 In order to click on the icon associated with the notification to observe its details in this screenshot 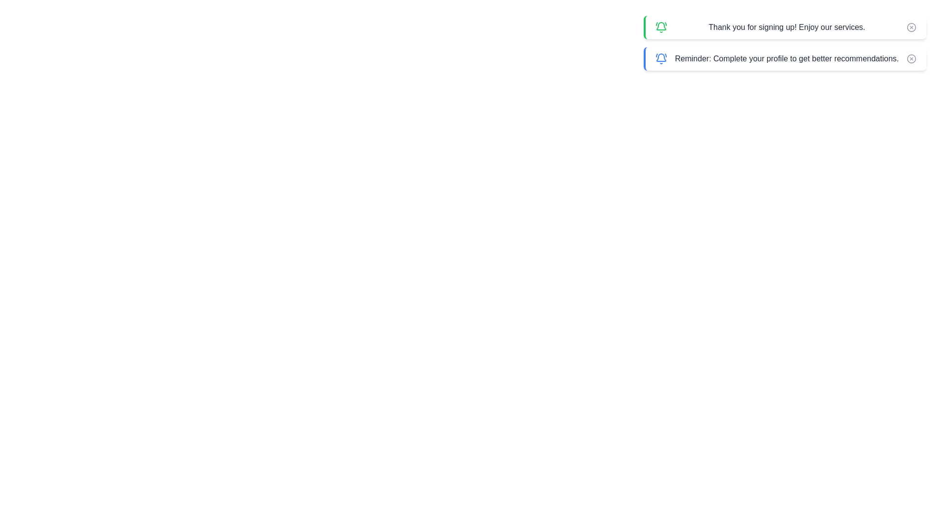, I will do `click(661, 27)`.